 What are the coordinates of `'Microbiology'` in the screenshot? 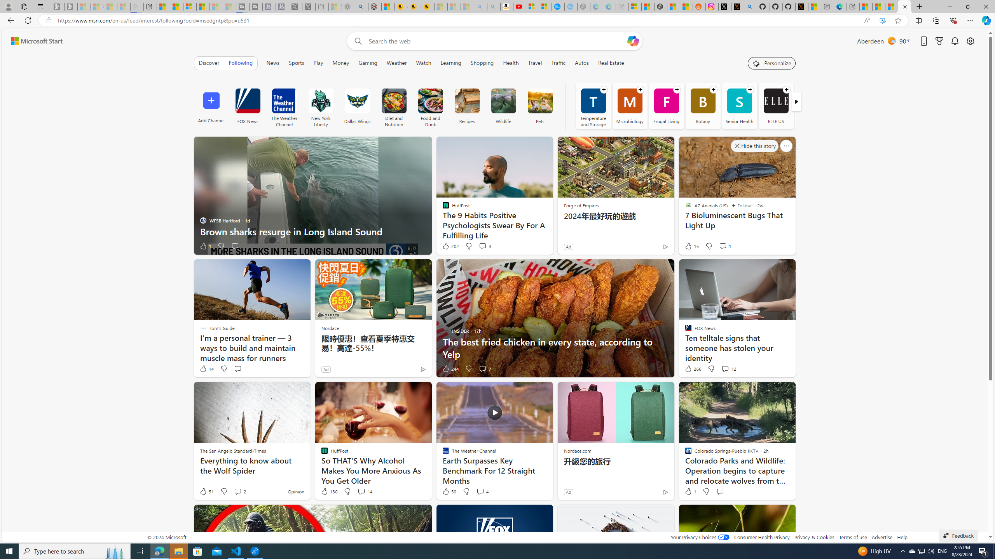 It's located at (629, 105).